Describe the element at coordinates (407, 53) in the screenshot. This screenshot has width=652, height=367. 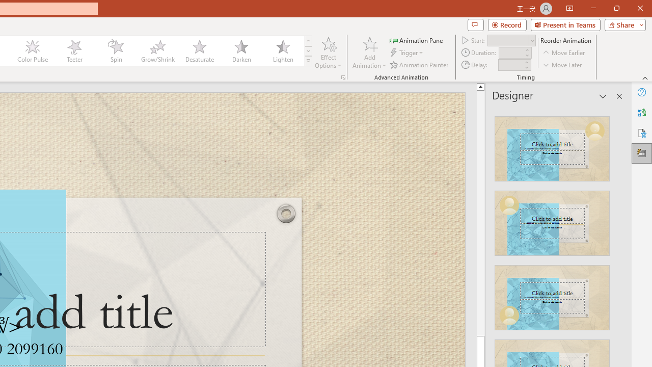
I see `'Trigger'` at that location.